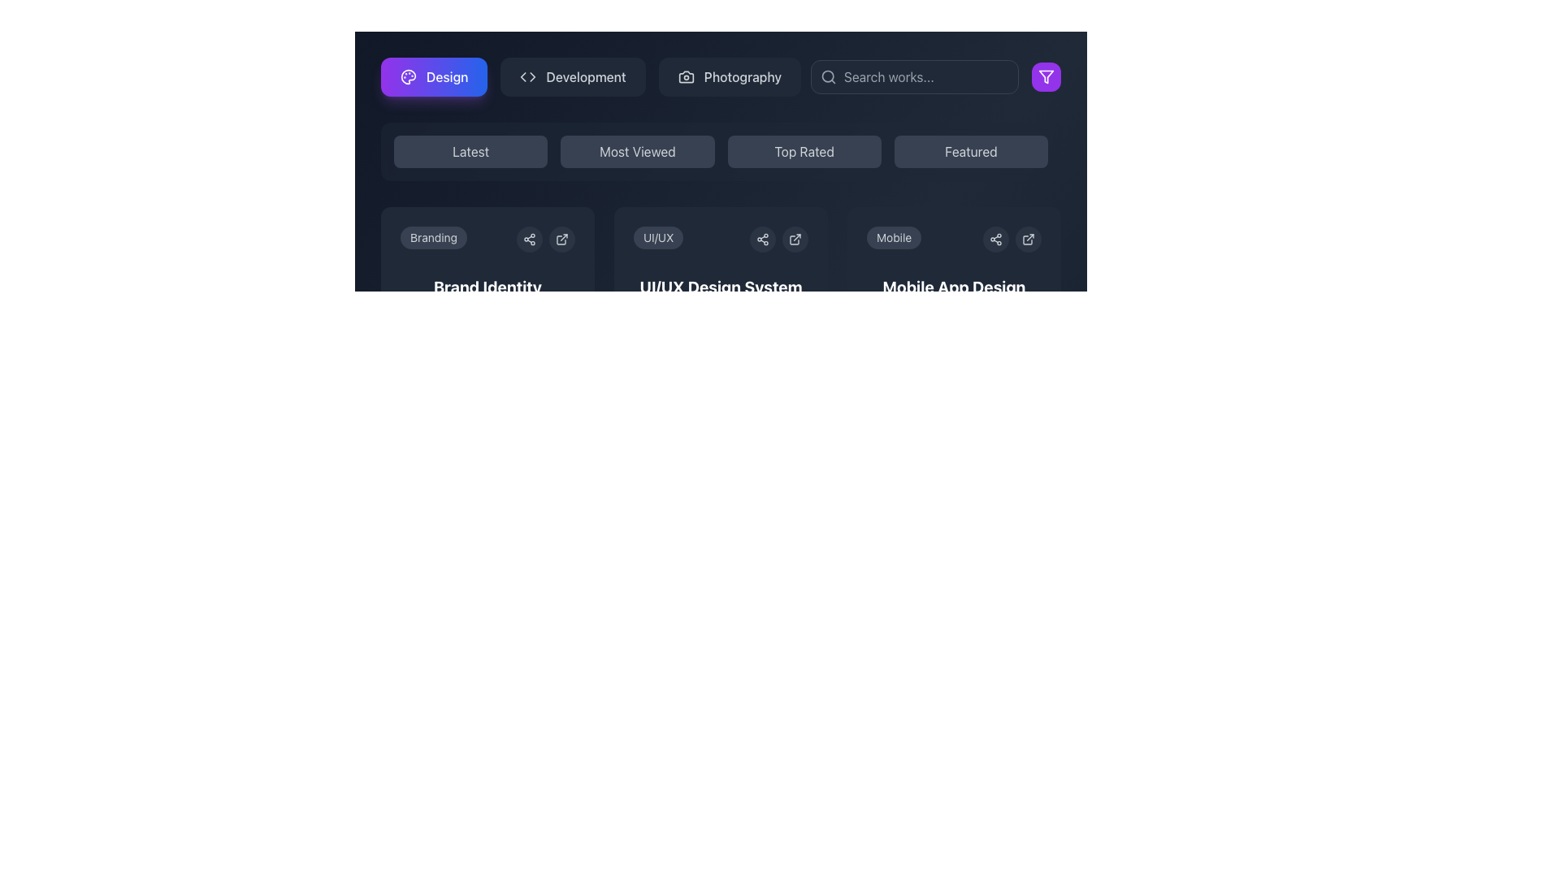  I want to click on the navigation button located between the 'Design' button on the left and the 'Photography' button on the right, so click(590, 77).